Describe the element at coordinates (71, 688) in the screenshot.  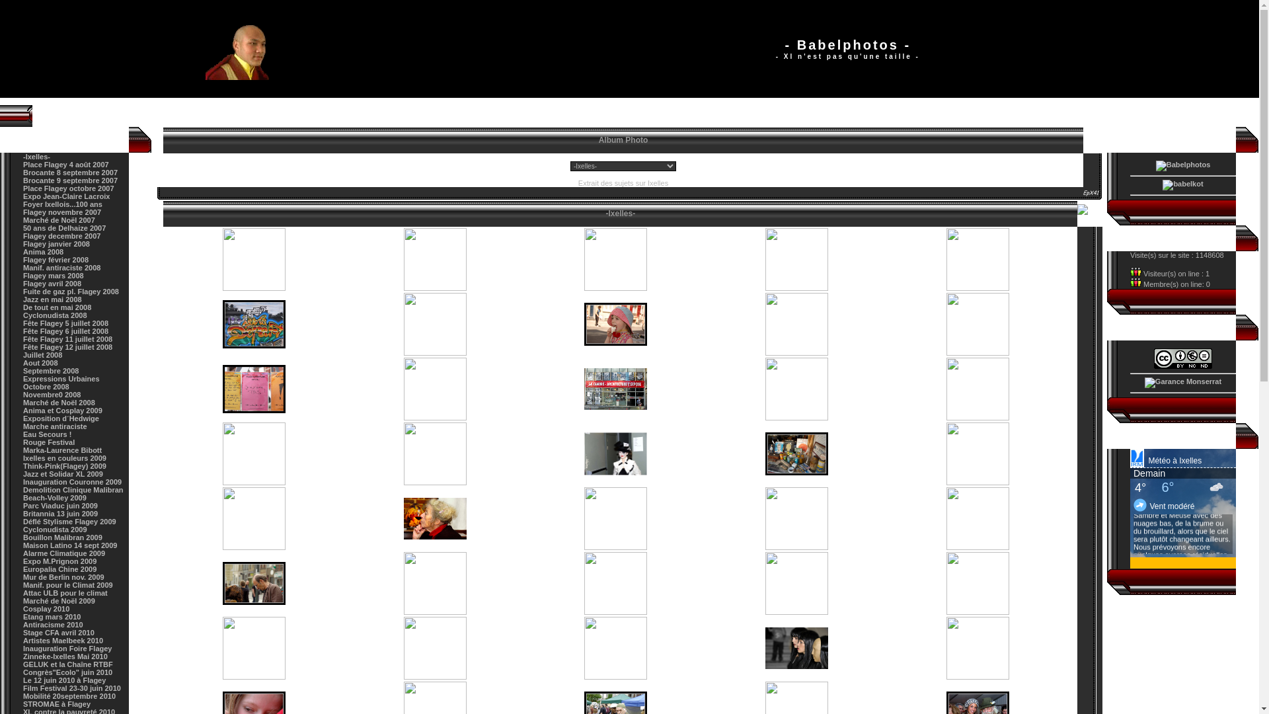
I see `'Film Festival 23-30 juin 2010'` at that location.